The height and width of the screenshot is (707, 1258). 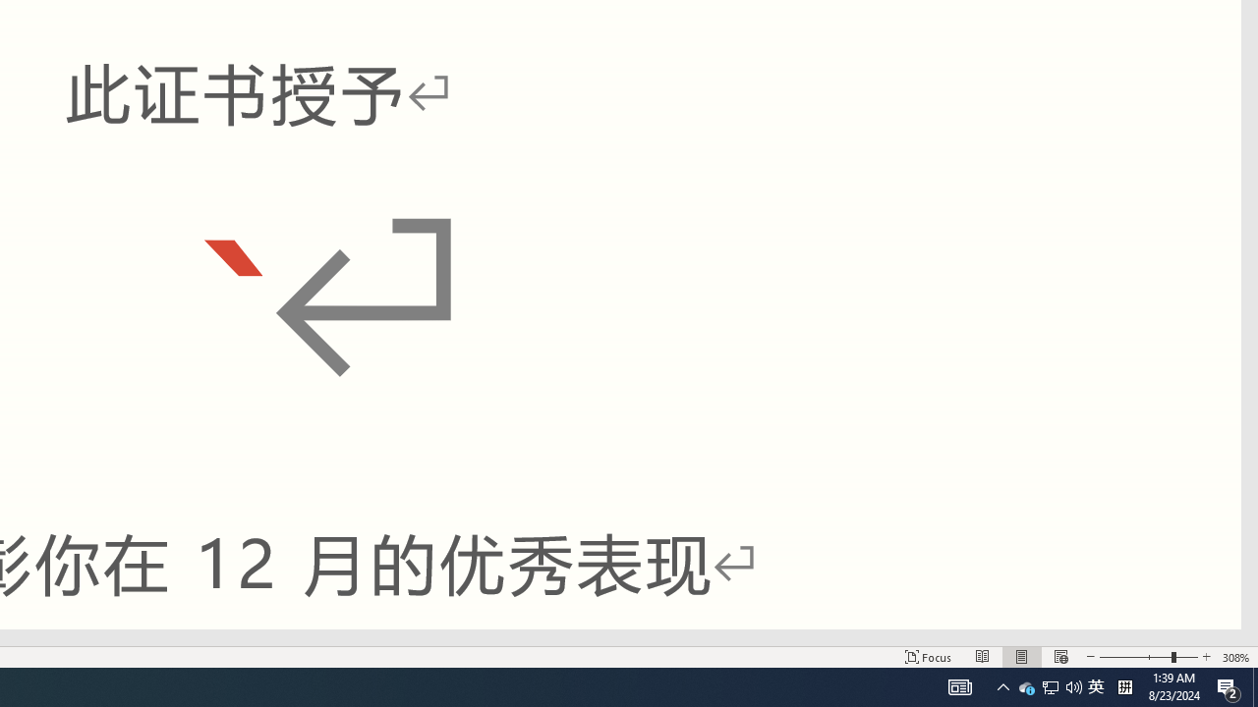 What do you see at coordinates (960, 685) in the screenshot?
I see `'Notification Chevron'` at bounding box center [960, 685].